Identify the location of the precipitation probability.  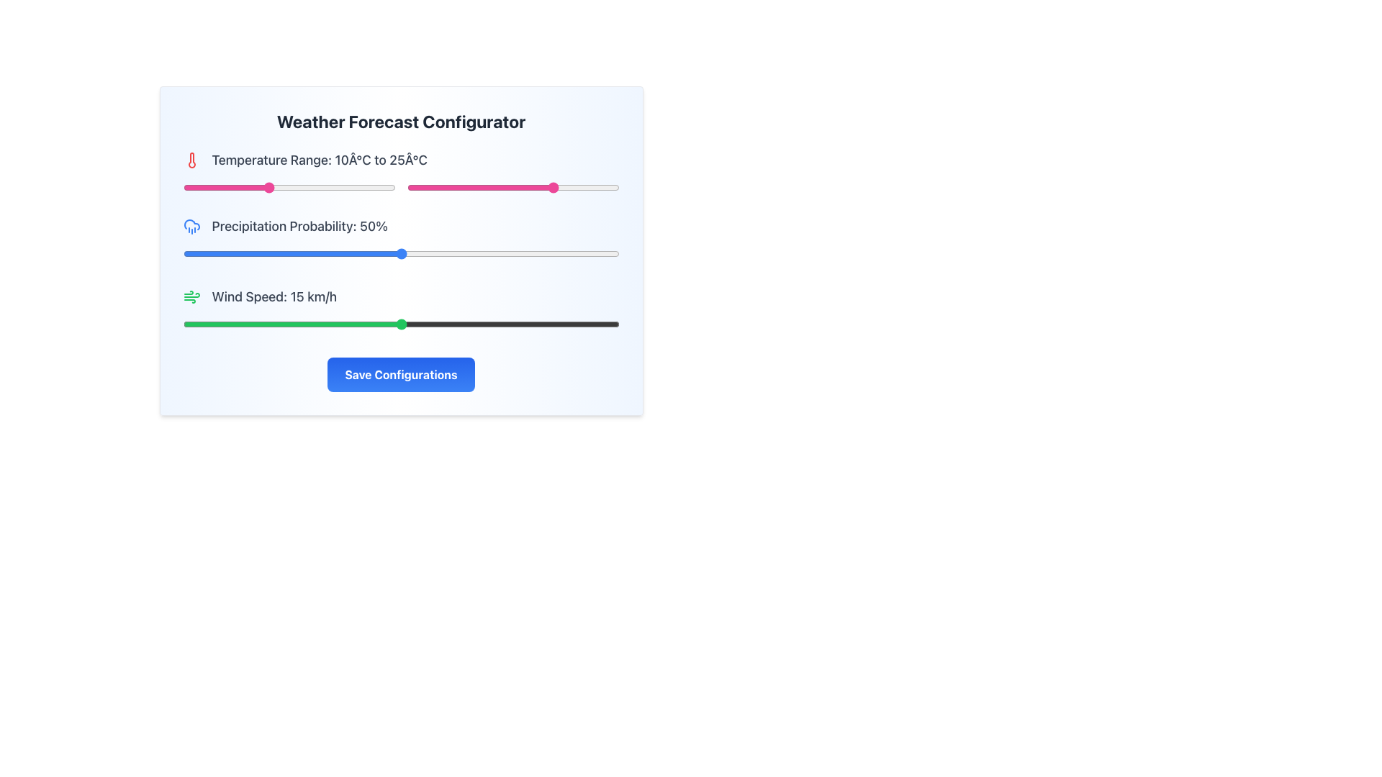
(240, 253).